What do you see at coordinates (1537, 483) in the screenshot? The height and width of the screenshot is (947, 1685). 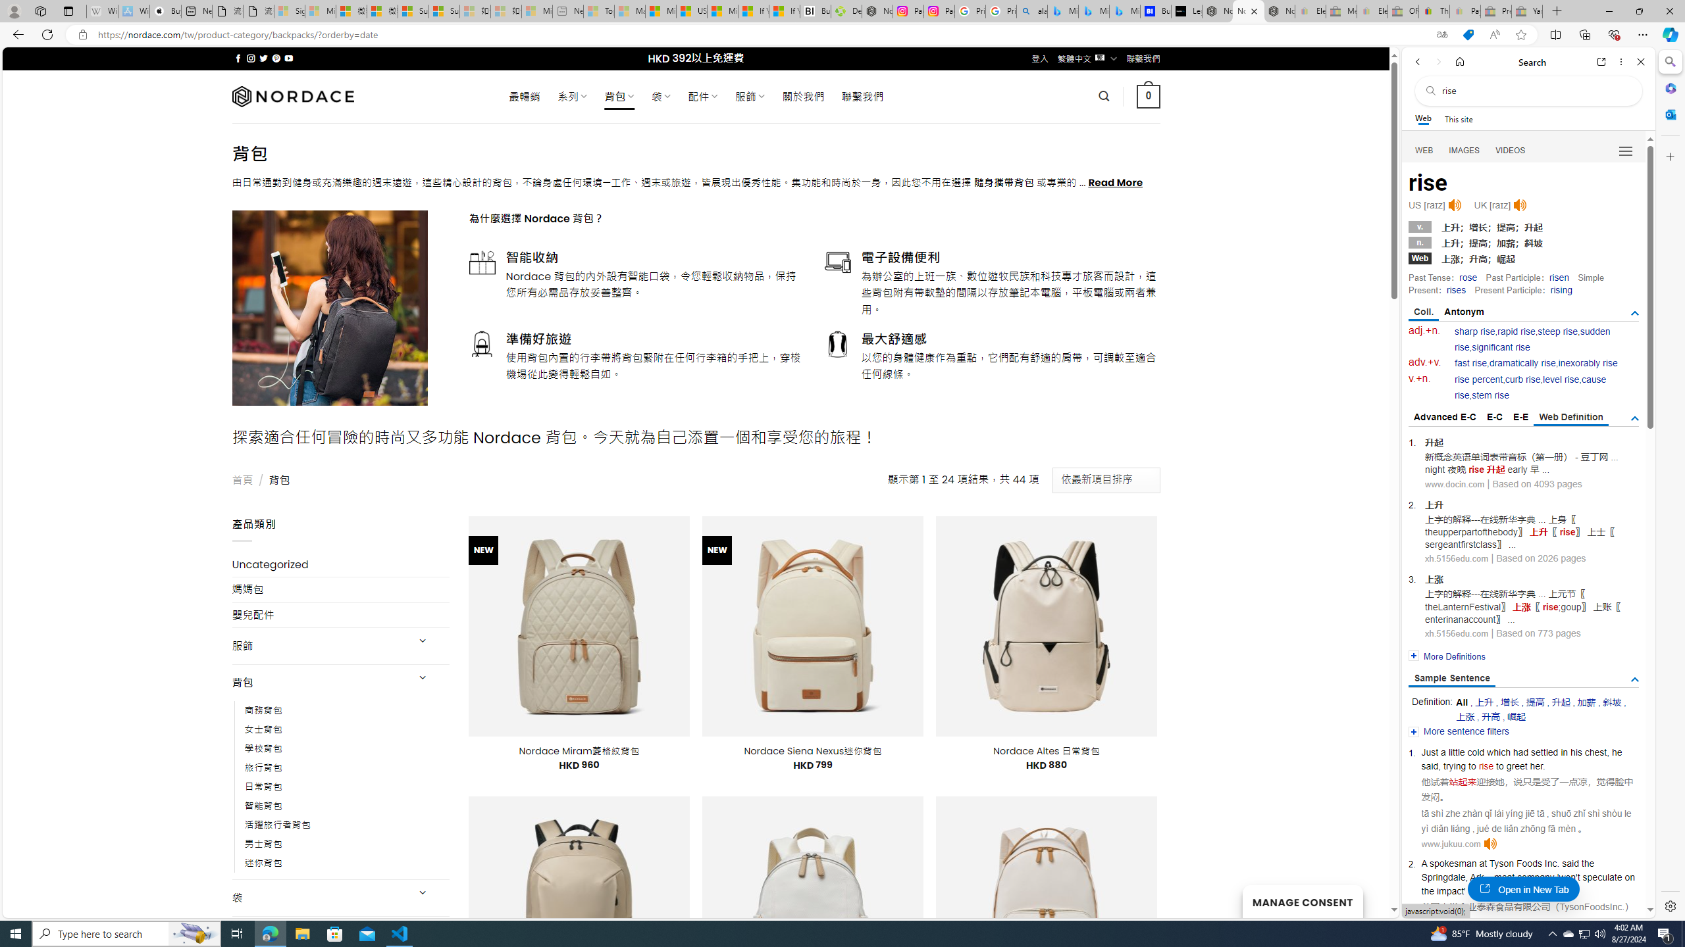 I see `'Based on 4093 pages'` at bounding box center [1537, 483].